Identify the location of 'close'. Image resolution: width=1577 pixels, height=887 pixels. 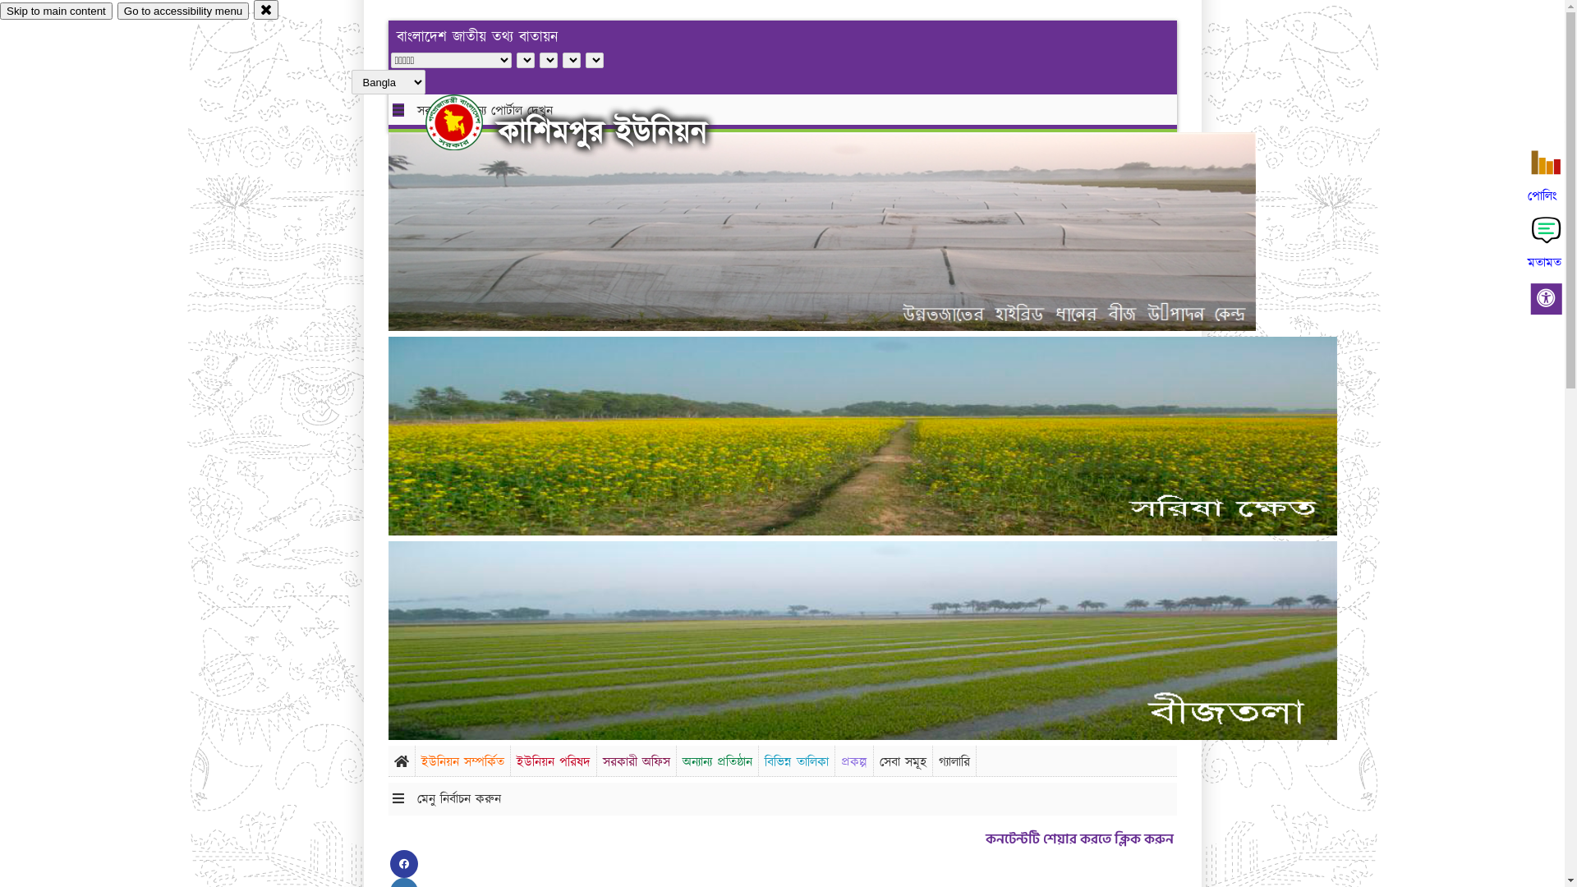
(266, 9).